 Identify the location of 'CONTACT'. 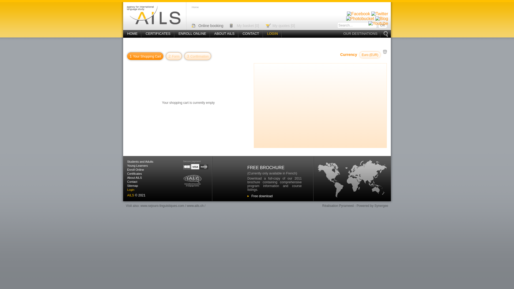
(250, 34).